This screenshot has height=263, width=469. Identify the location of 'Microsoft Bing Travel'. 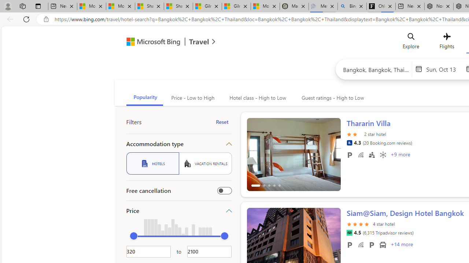
(163, 43).